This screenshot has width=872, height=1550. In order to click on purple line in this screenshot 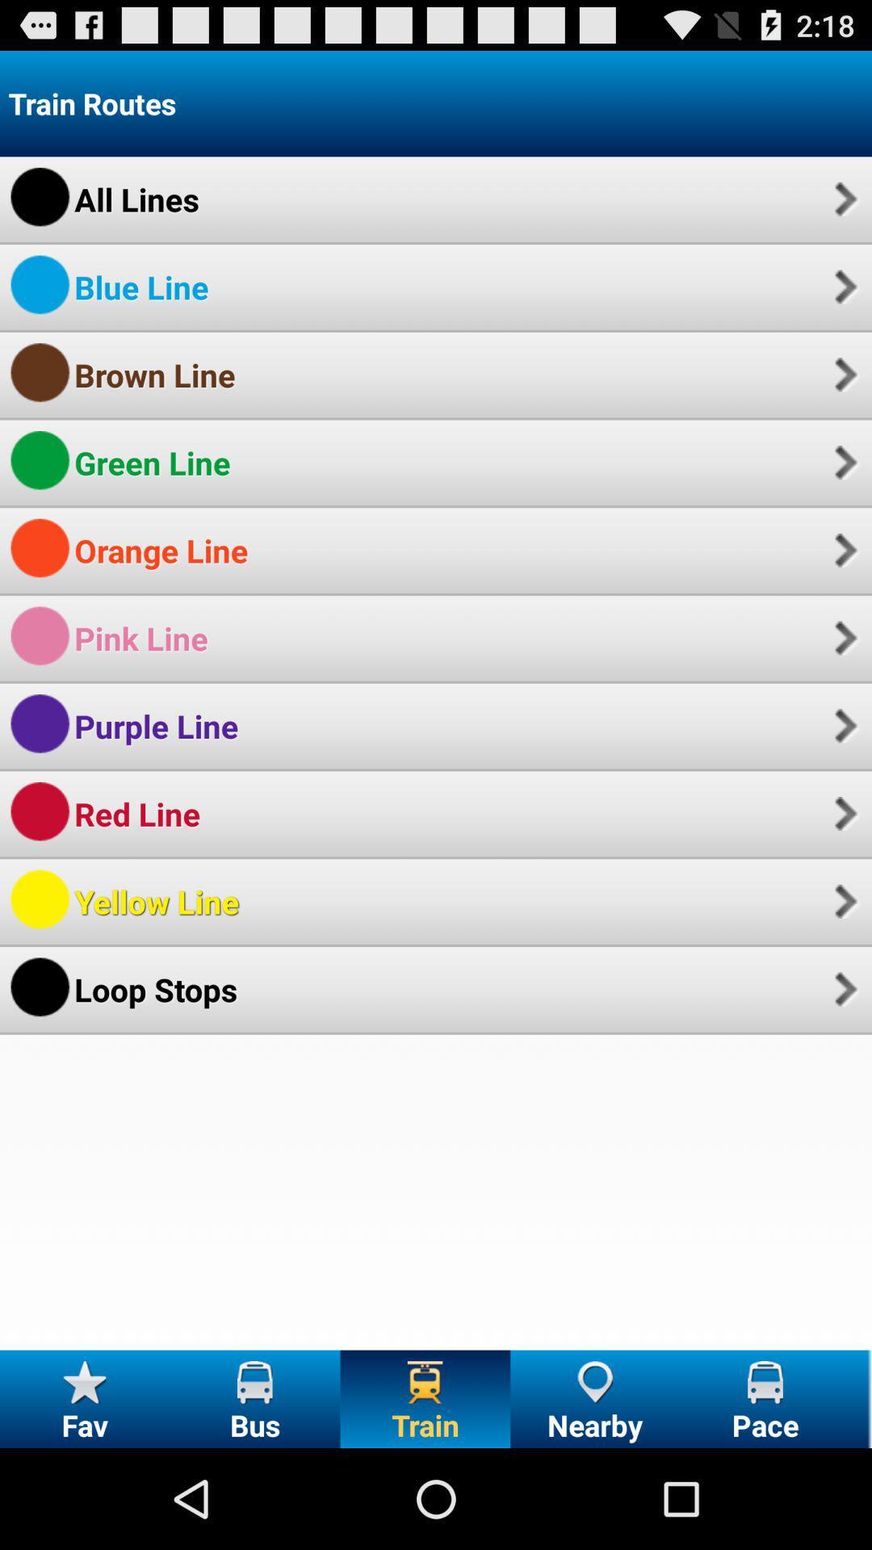, I will do `click(156, 725)`.